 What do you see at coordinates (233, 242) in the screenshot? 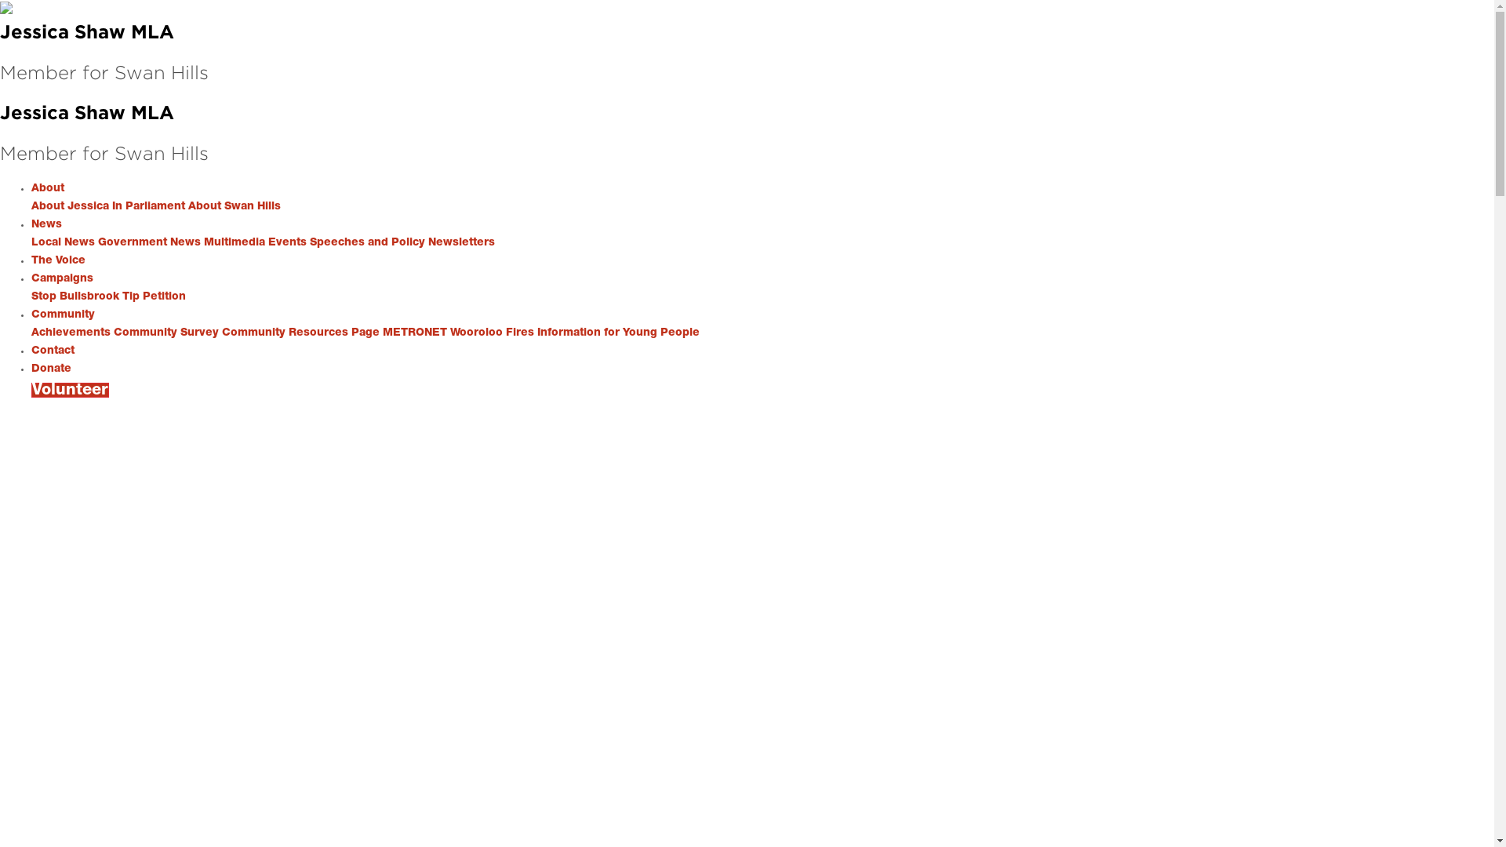
I see `'Multimedia'` at bounding box center [233, 242].